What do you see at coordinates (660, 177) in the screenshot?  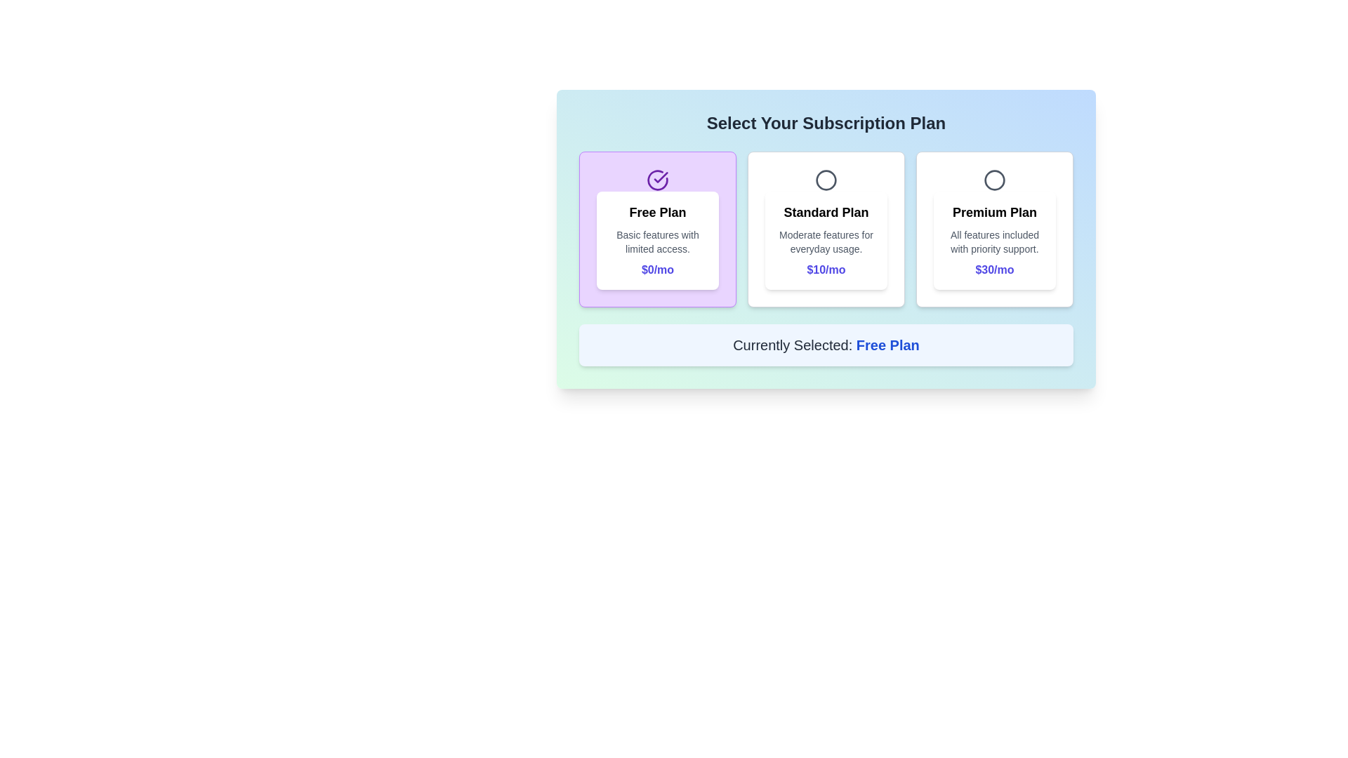 I see `the circular icon that signifies the selection of the 'Free Plan' subscription tier, located at the top-left of the 'Free Plan' card` at bounding box center [660, 177].